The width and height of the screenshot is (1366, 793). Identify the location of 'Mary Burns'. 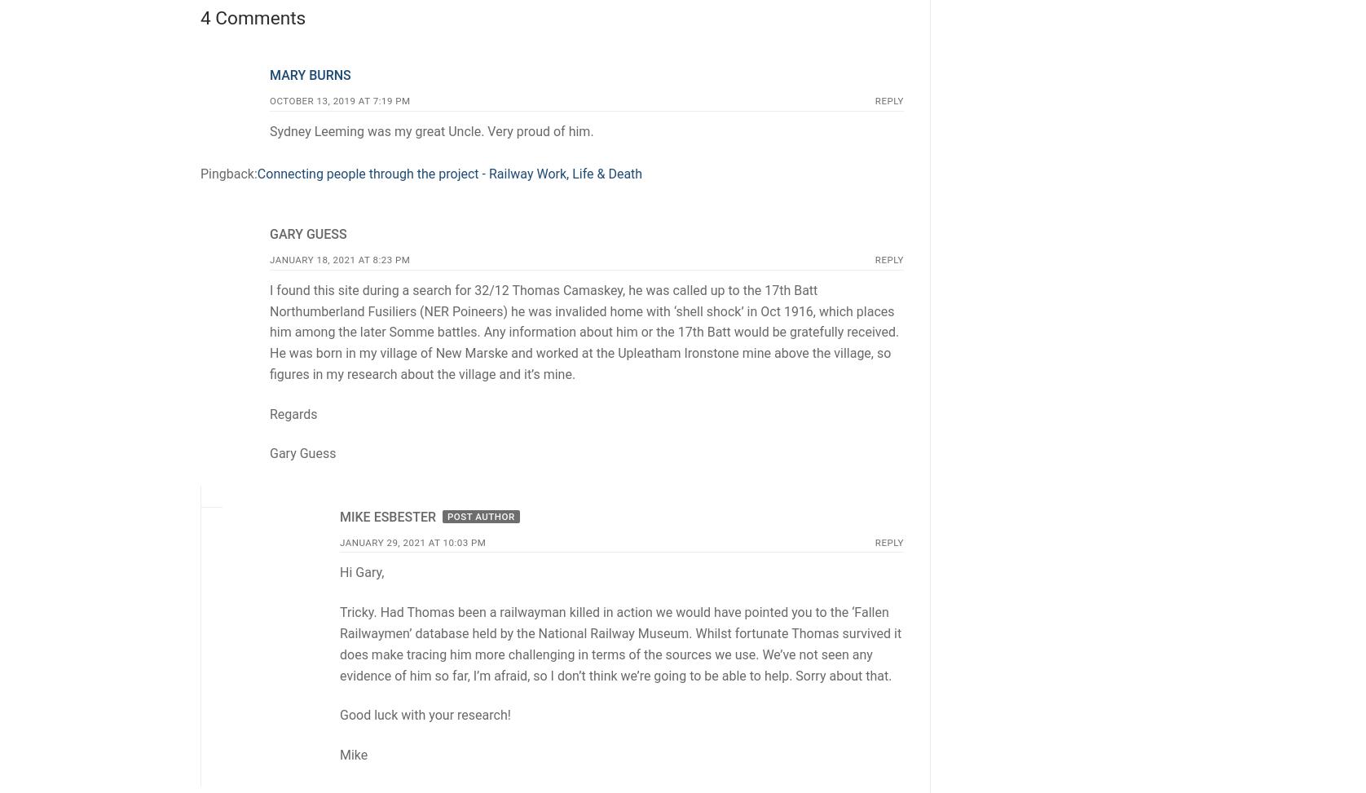
(309, 74).